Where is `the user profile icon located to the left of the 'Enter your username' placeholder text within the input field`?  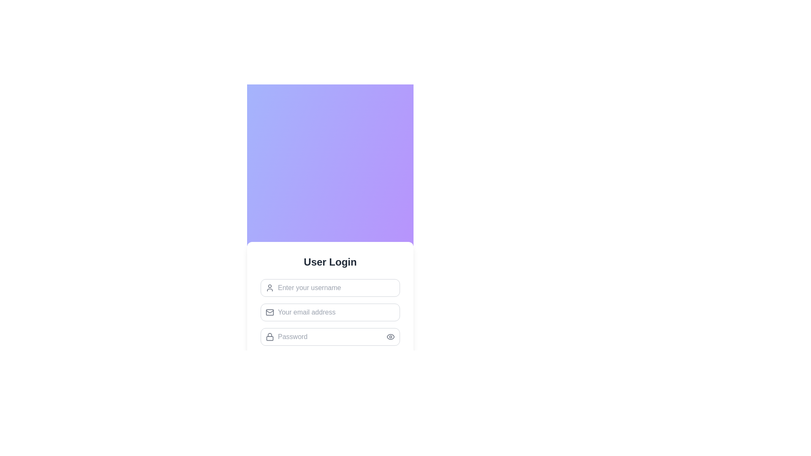
the user profile icon located to the left of the 'Enter your username' placeholder text within the input field is located at coordinates (269, 288).